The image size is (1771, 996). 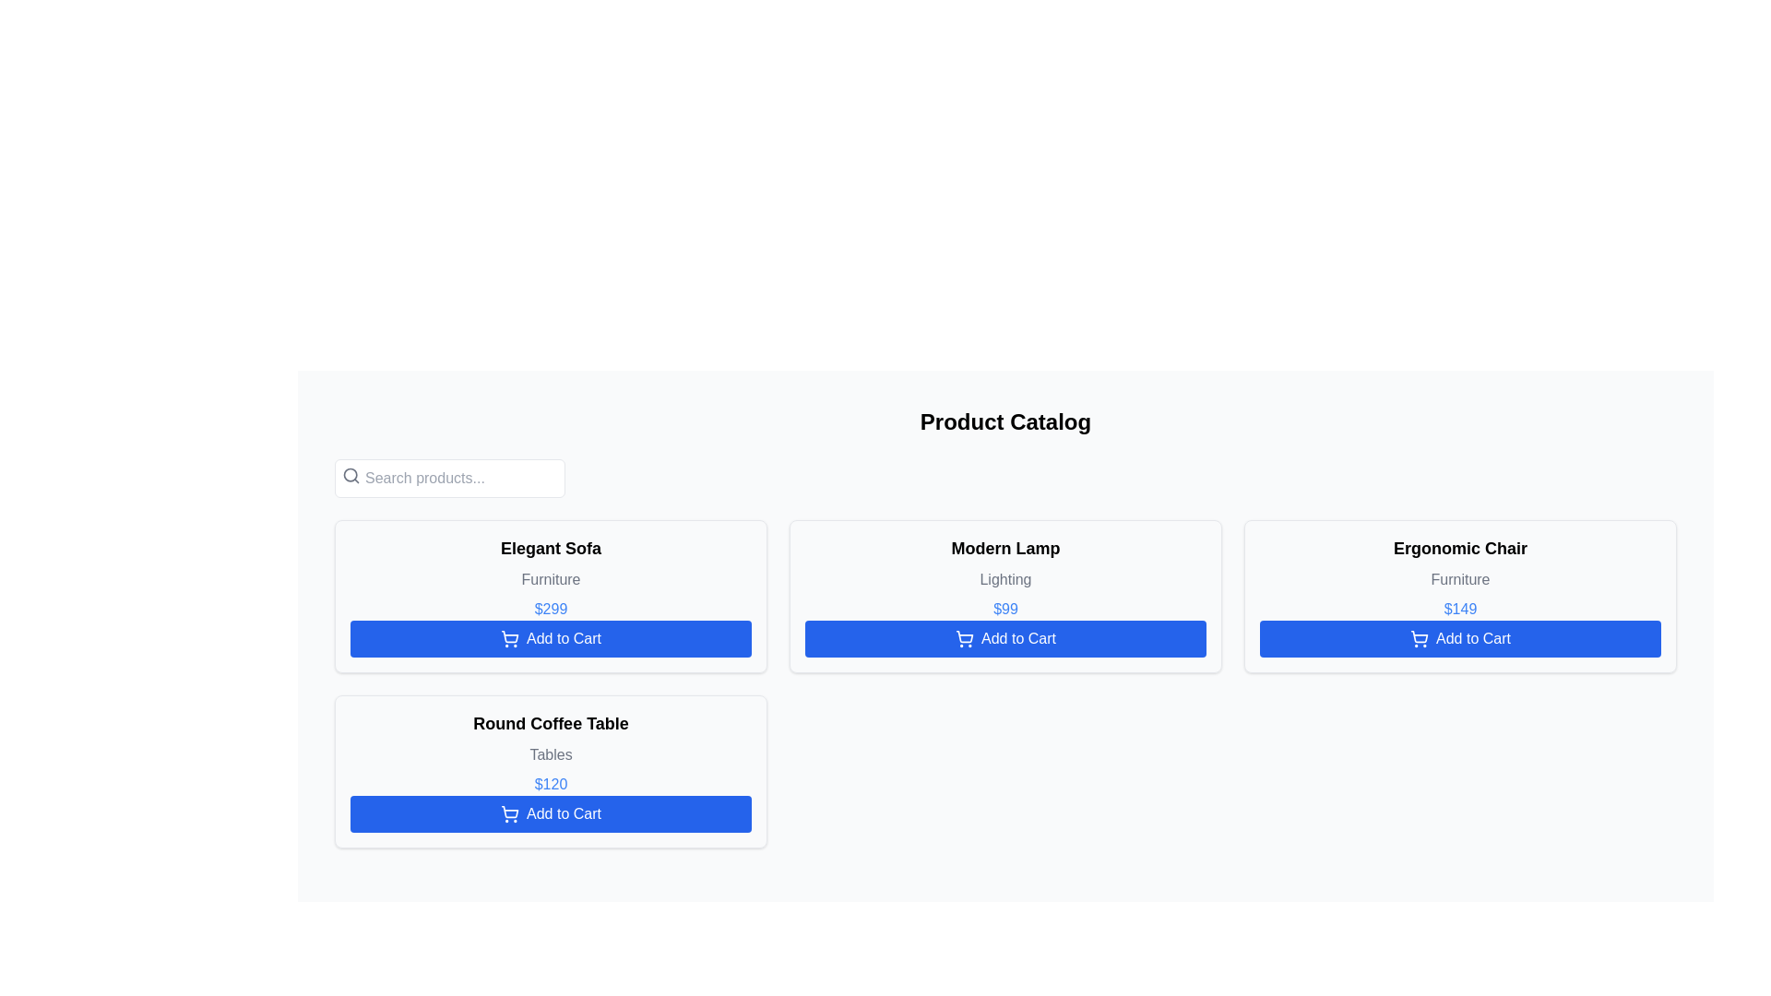 I want to click on the text label displaying the price of '$120' for the 'Round Coffee Table' product, which is bold, blue, and located between the 'Tables' subtitle and the 'Add to Cart' button, so click(x=550, y=785).